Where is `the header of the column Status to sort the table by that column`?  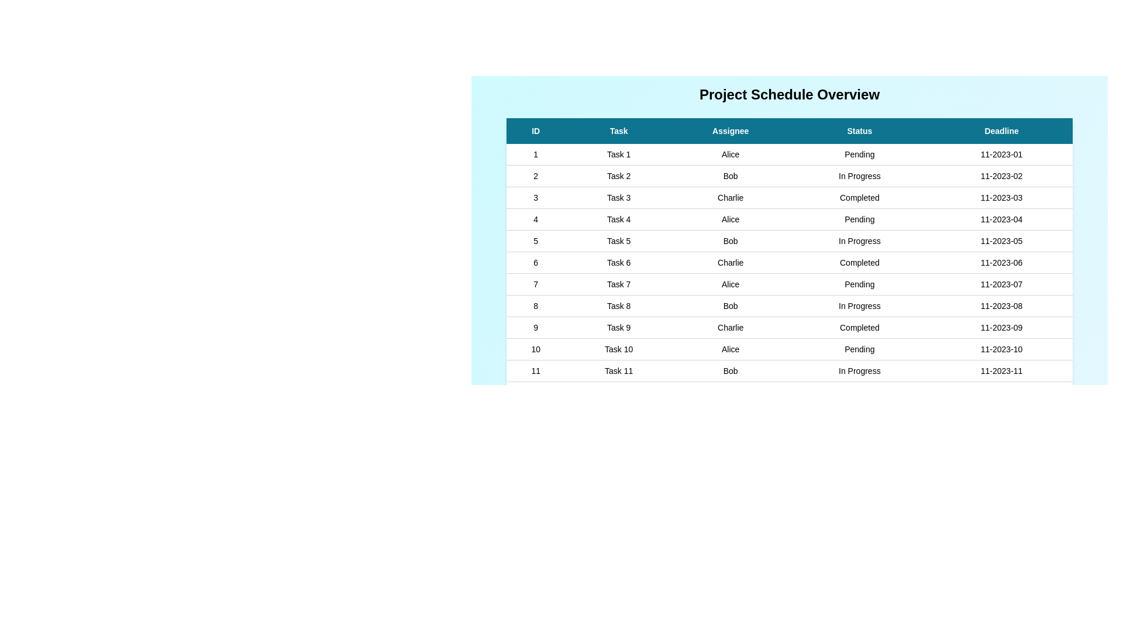 the header of the column Status to sort the table by that column is located at coordinates (859, 130).